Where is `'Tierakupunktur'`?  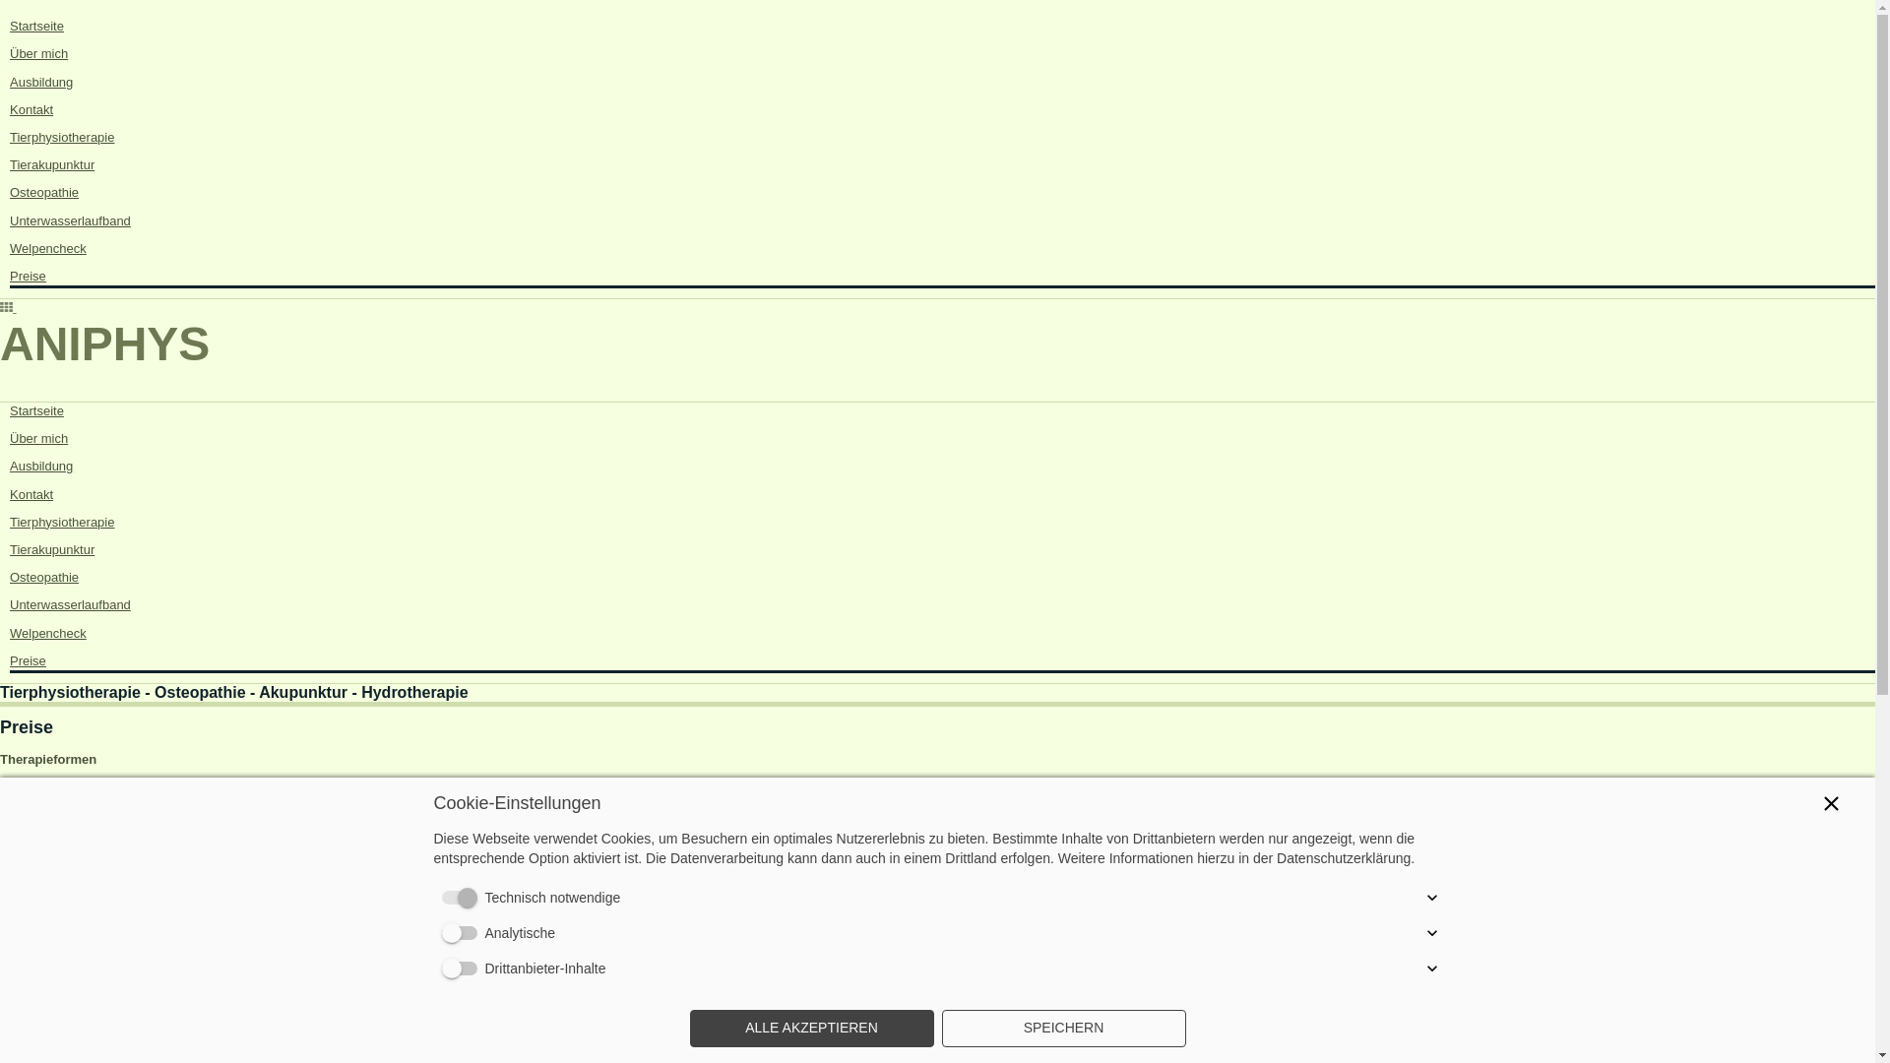
'Tierakupunktur' is located at coordinates (51, 163).